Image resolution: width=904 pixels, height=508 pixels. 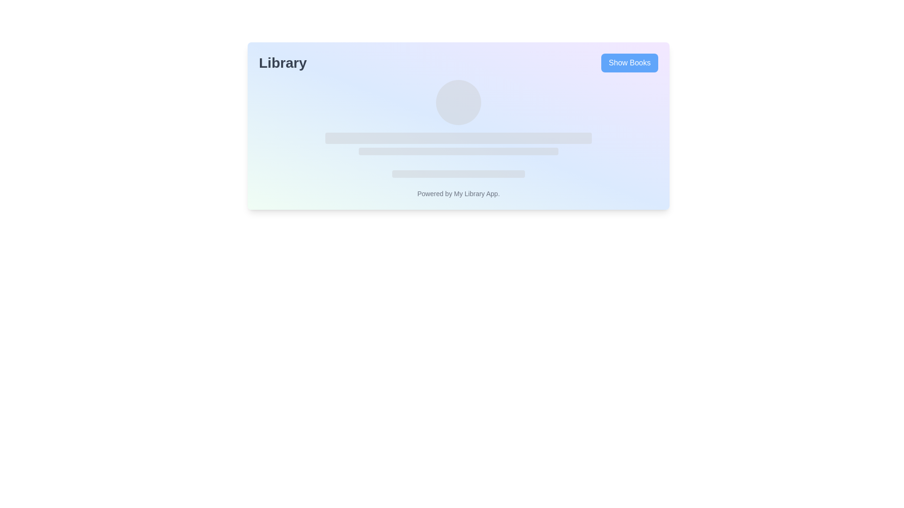 I want to click on the Circular decorative element, which is a smooth light gray circle located centrally above bar-like shapes in the interface, so click(x=459, y=103).